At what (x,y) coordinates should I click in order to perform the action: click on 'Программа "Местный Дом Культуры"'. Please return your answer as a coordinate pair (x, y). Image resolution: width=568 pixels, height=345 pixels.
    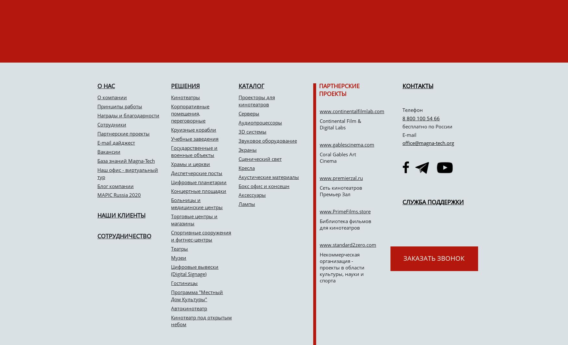
    Looking at the image, I should click on (197, 295).